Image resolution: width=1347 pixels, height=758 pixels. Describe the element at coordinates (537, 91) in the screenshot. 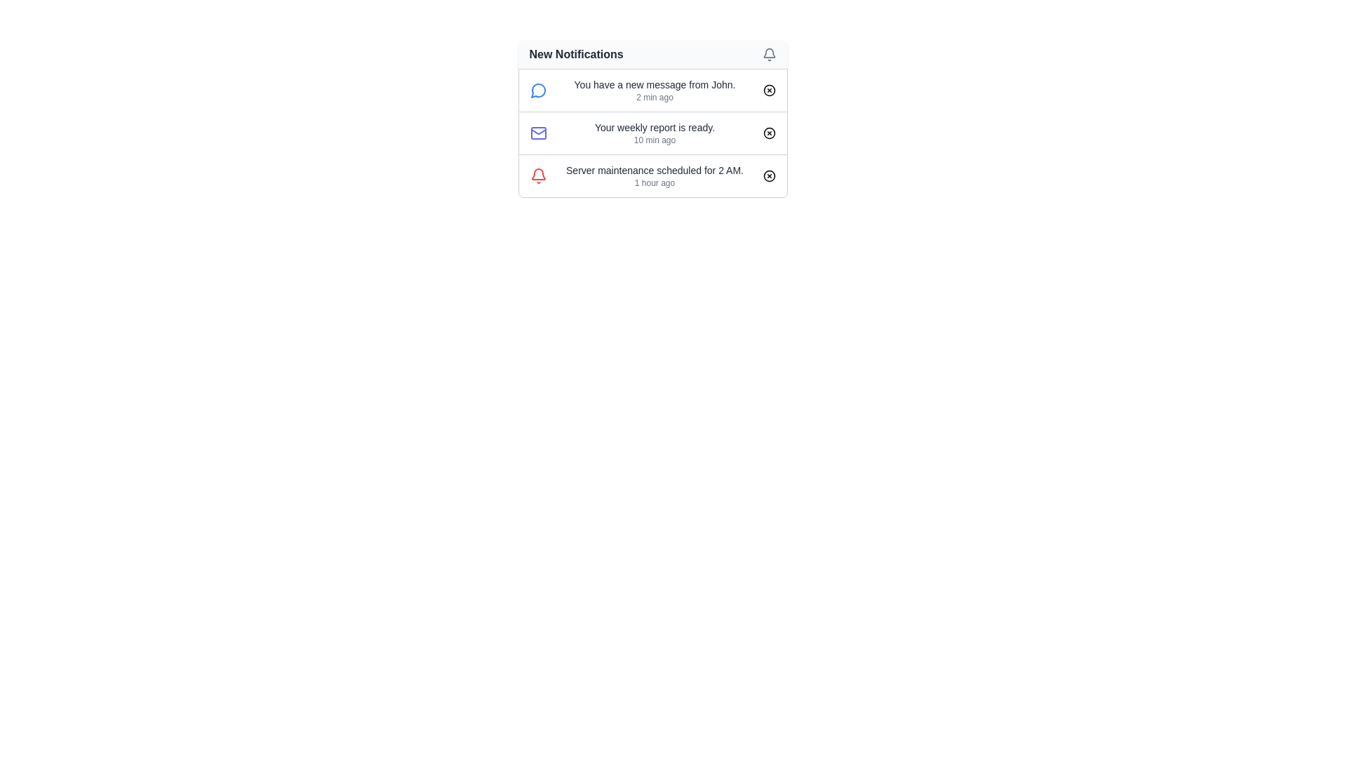

I see `the Vector graphic icon resembling a chat bubble, which serves as a visual indicator for a message notification from 'John', to associate it with its corresponding notification text entry` at that location.